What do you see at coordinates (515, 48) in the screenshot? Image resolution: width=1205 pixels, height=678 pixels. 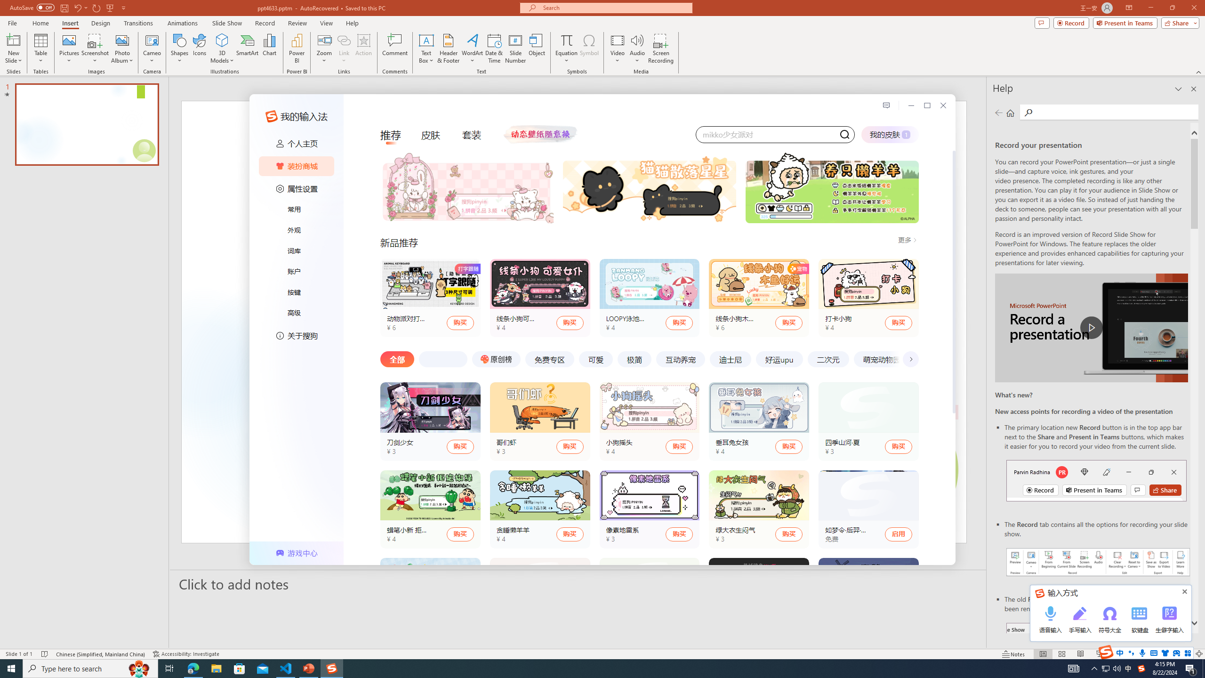 I see `'Slide Number'` at bounding box center [515, 48].